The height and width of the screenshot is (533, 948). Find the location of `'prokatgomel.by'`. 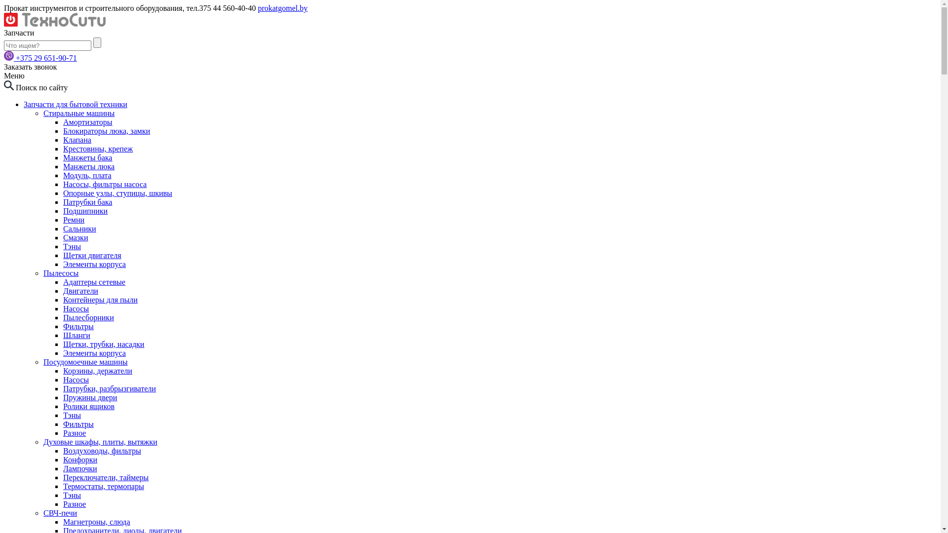

'prokatgomel.by' is located at coordinates (282, 8).